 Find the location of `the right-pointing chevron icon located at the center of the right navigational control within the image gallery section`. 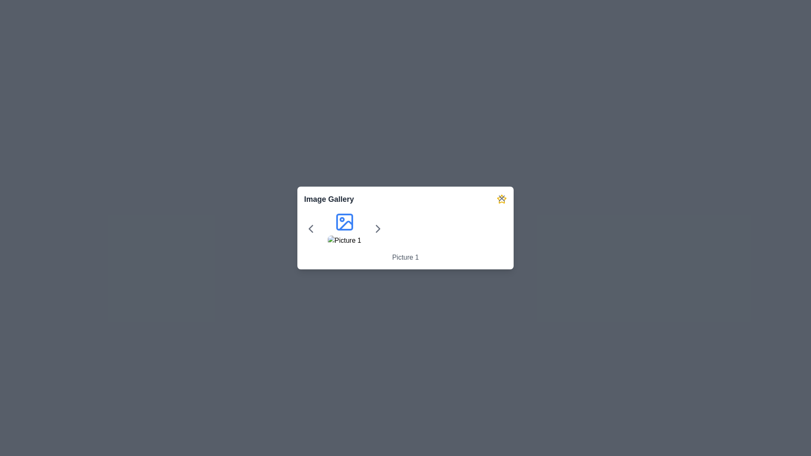

the right-pointing chevron icon located at the center of the right navigational control within the image gallery section is located at coordinates (378, 229).